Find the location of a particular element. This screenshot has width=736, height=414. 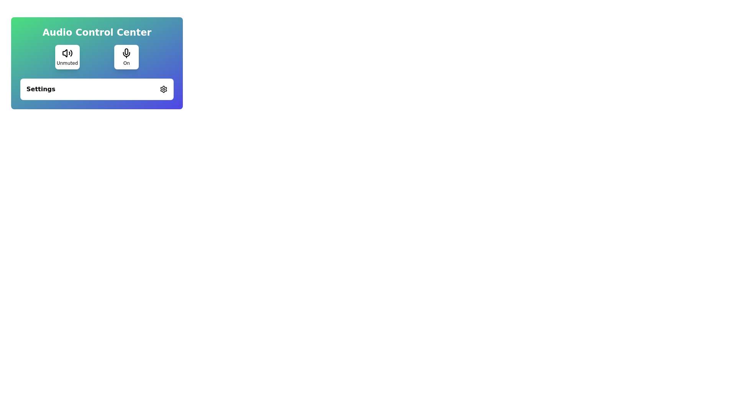

the toggle button for managing the microphone located to the right of the 'Unmuted' button in the 'Audio Control Center' section is located at coordinates (127, 57).